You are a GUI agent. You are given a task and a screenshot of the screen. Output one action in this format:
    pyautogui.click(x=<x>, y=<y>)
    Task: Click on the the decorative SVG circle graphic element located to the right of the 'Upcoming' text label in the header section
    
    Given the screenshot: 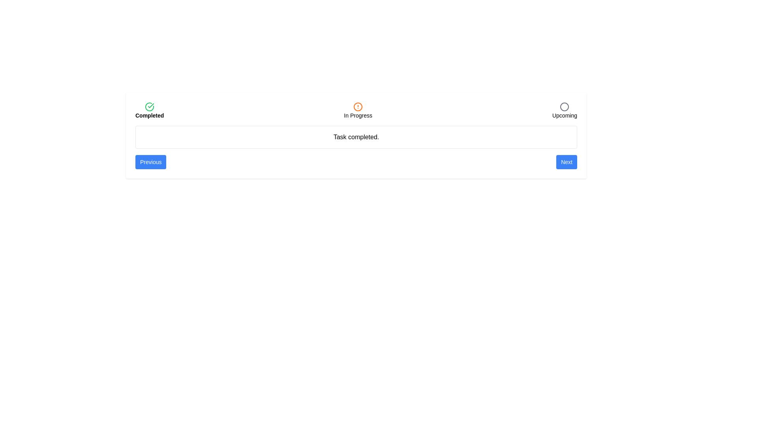 What is the action you would take?
    pyautogui.click(x=564, y=106)
    